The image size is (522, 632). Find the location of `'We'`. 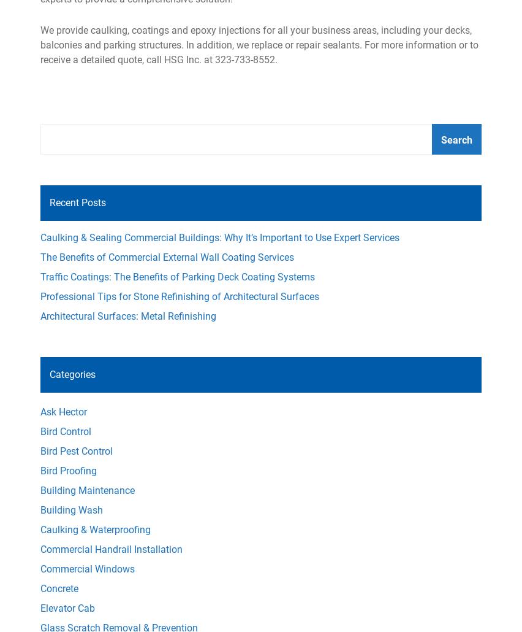

'We' is located at coordinates (47, 29).